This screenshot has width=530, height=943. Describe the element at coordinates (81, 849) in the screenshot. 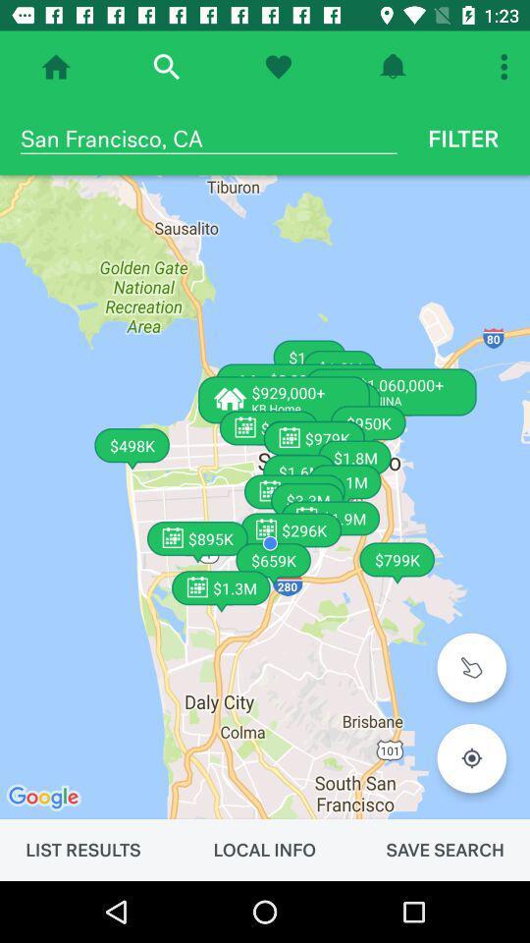

I see `list results` at that location.